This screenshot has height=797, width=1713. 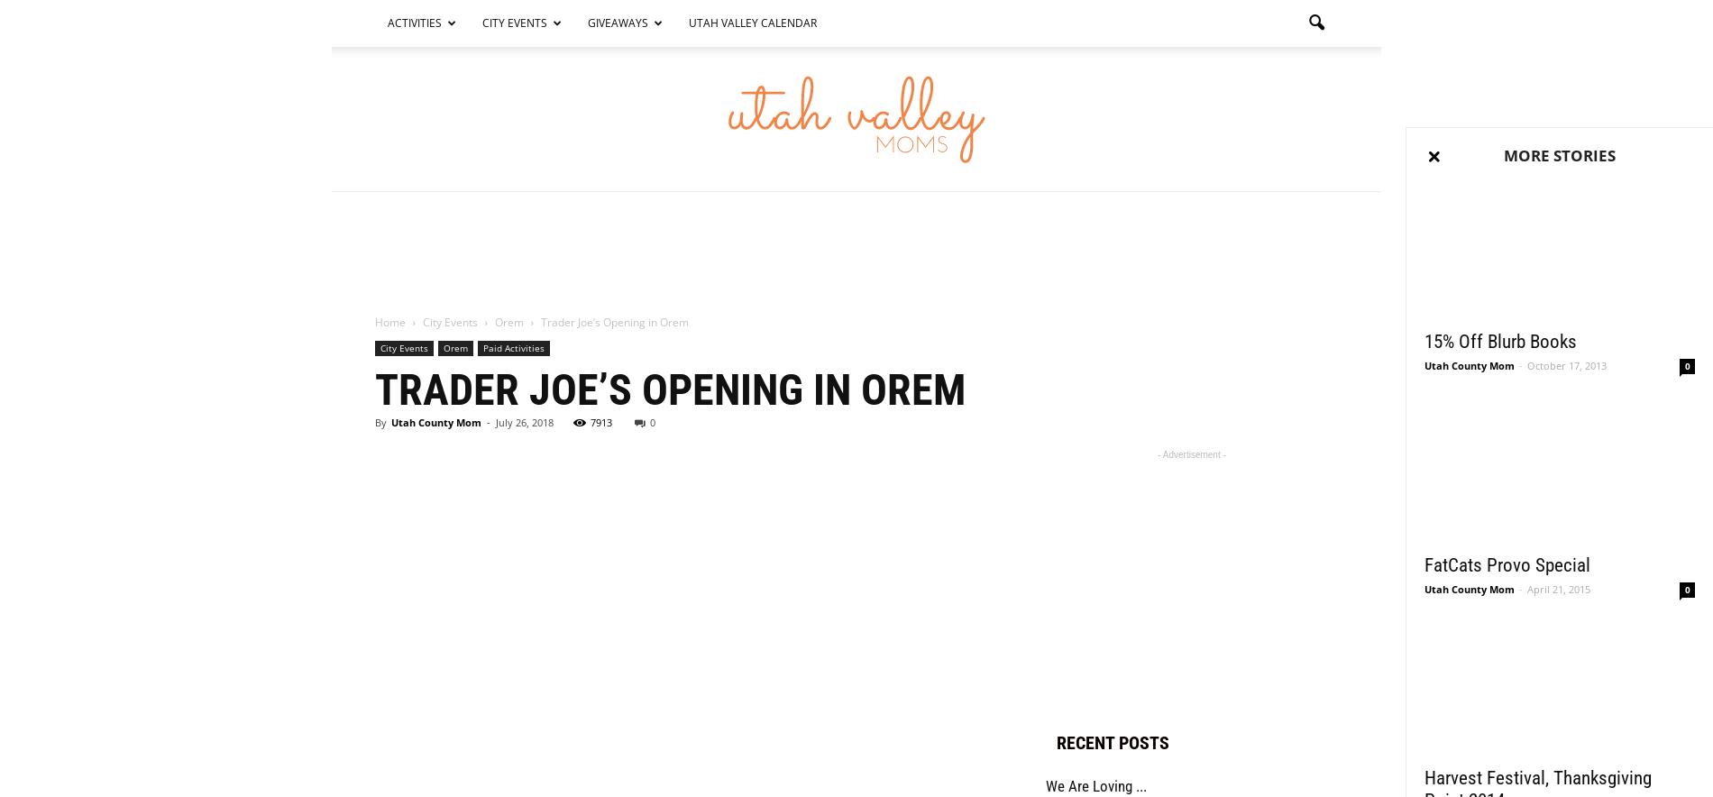 I want to click on 'Search', so click(x=856, y=72).